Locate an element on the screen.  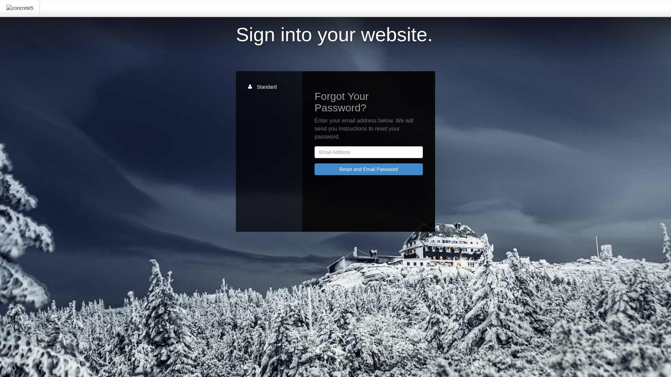
'concrete5' is located at coordinates (20, 8).